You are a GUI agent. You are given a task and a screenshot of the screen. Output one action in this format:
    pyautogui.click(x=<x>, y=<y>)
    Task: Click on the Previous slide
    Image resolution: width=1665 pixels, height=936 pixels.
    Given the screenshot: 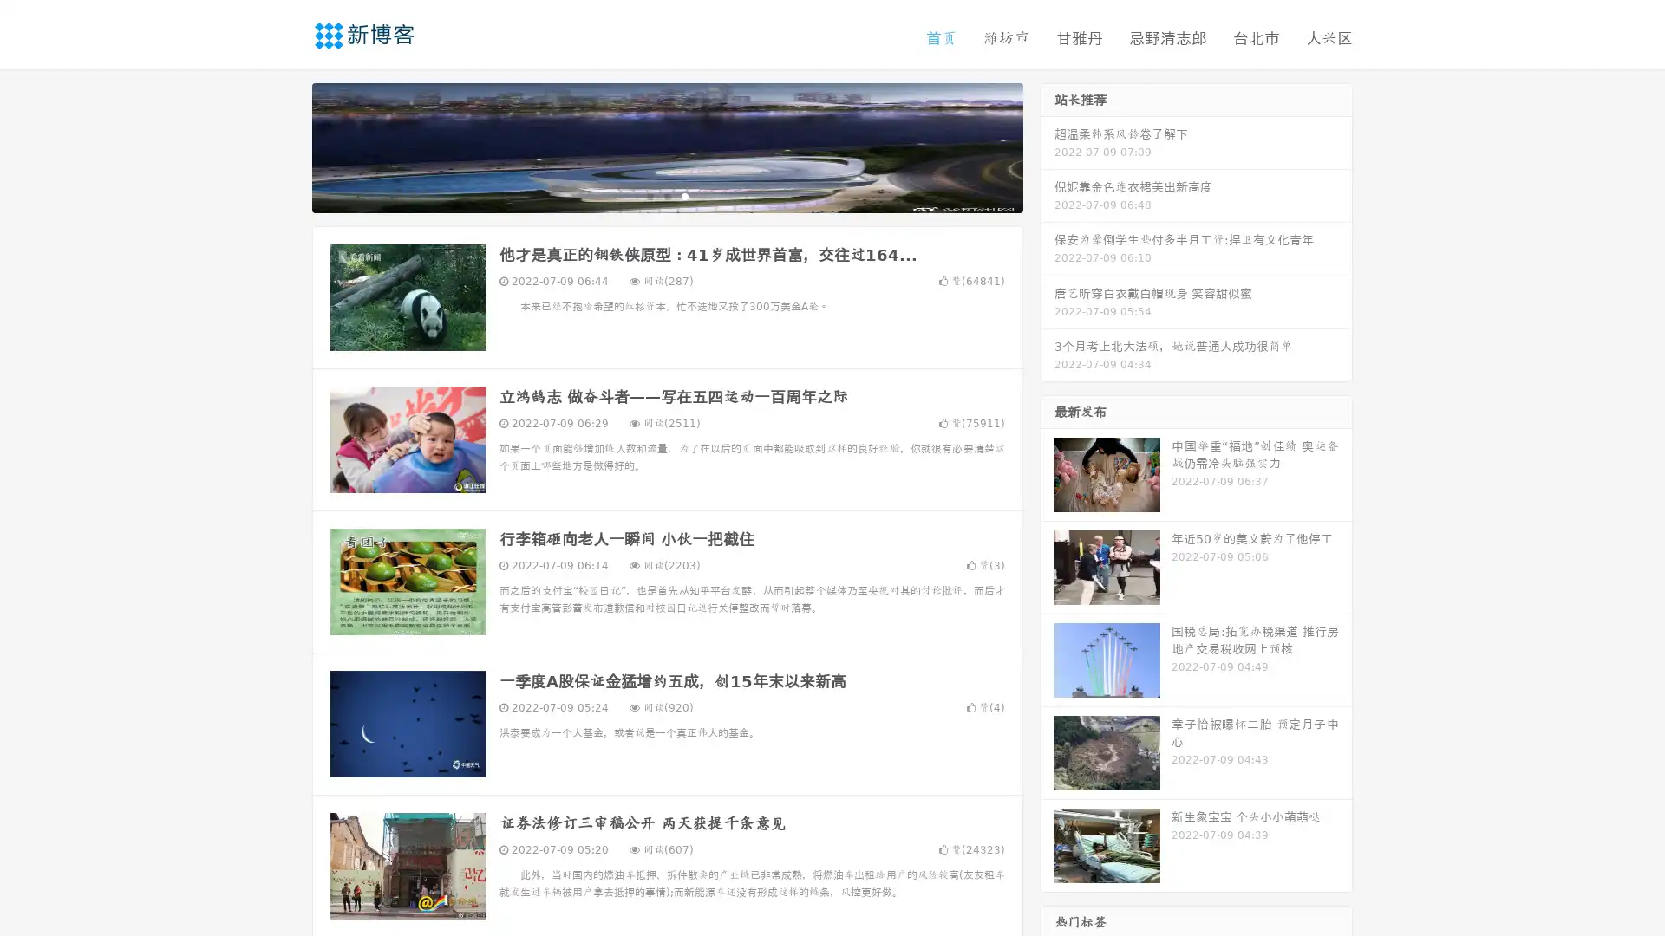 What is the action you would take?
    pyautogui.click(x=286, y=146)
    